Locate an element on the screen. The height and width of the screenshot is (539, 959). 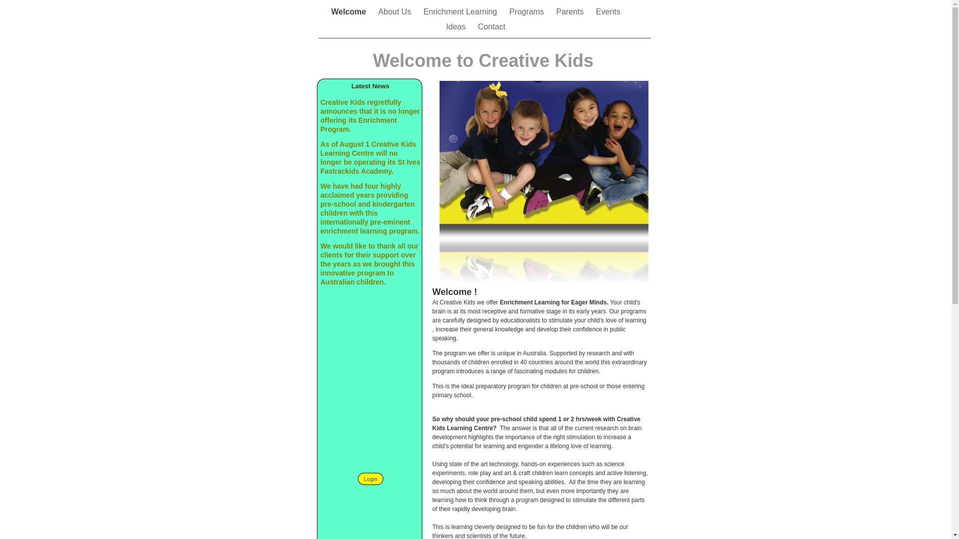
'Programs' is located at coordinates (509, 11).